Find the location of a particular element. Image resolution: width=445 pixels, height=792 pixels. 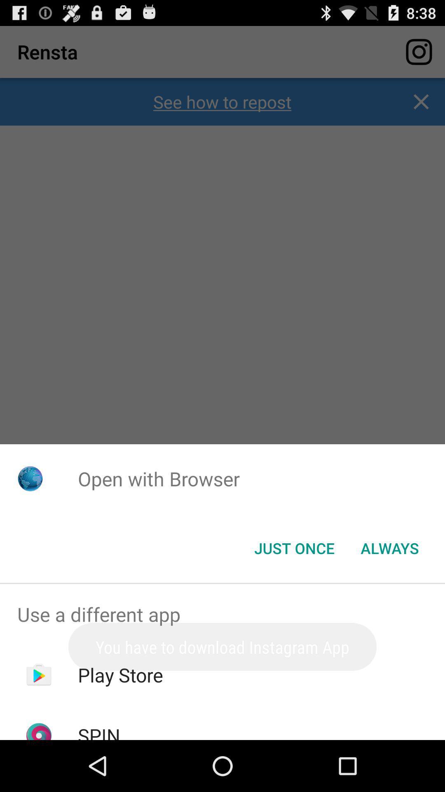

the spin is located at coordinates (98, 731).